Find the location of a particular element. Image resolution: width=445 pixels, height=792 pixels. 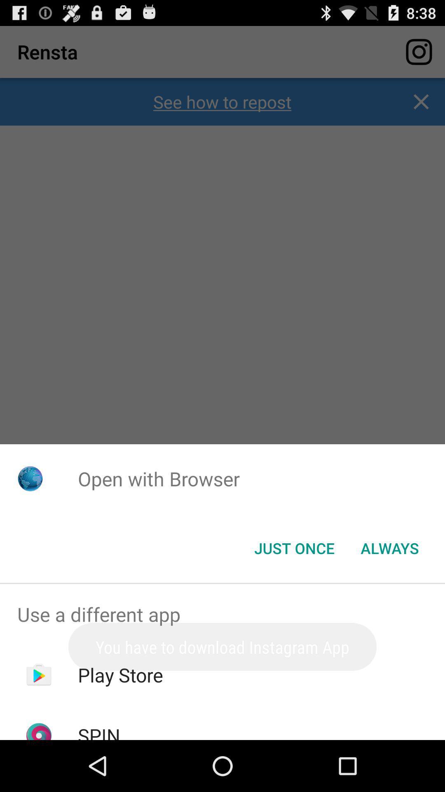

the spin is located at coordinates (98, 731).